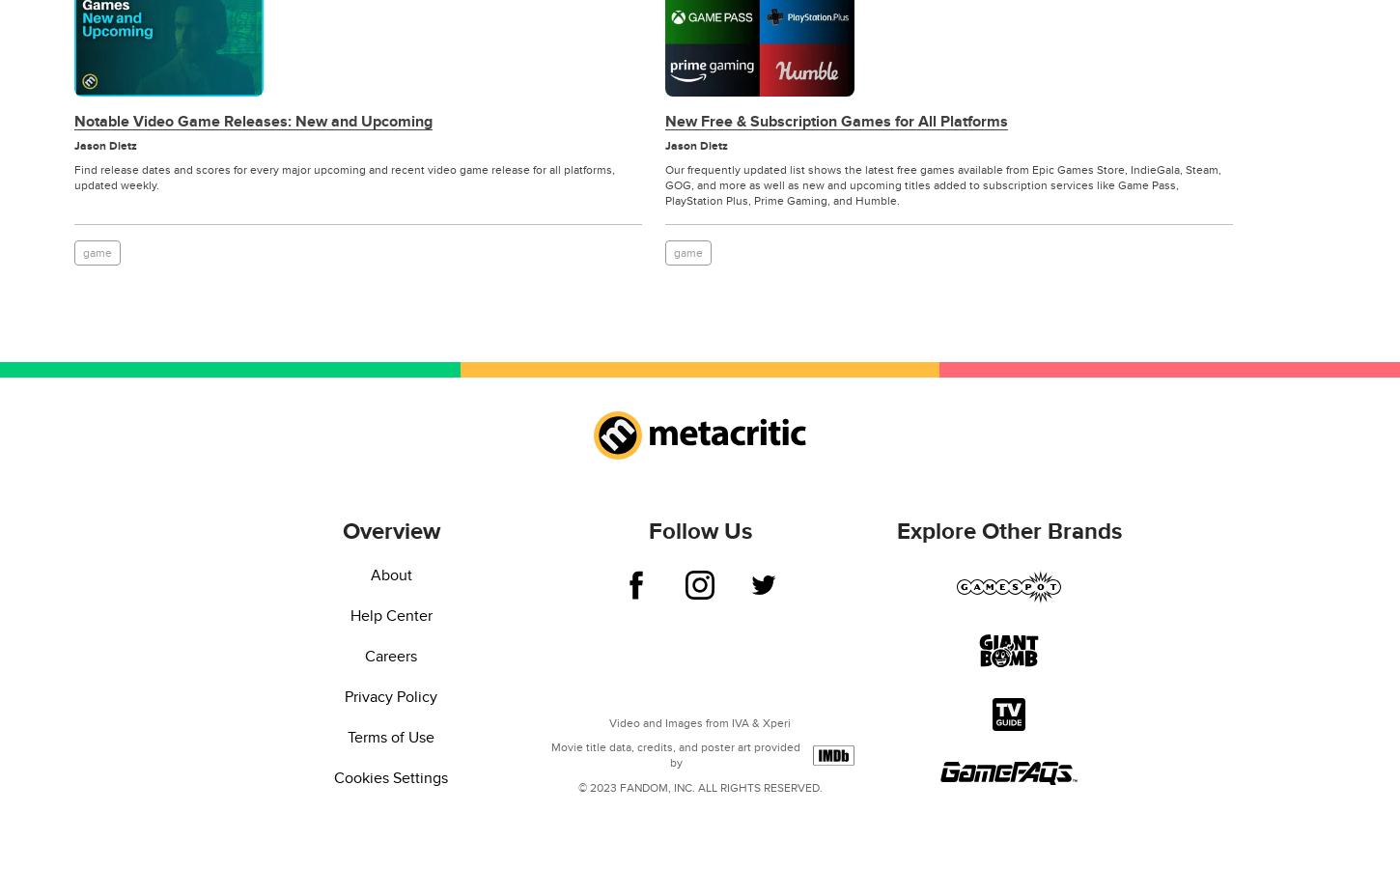 The image size is (1400, 869). Describe the element at coordinates (253, 122) in the screenshot. I see `'Notable Video Game Releases: New and Upcoming'` at that location.